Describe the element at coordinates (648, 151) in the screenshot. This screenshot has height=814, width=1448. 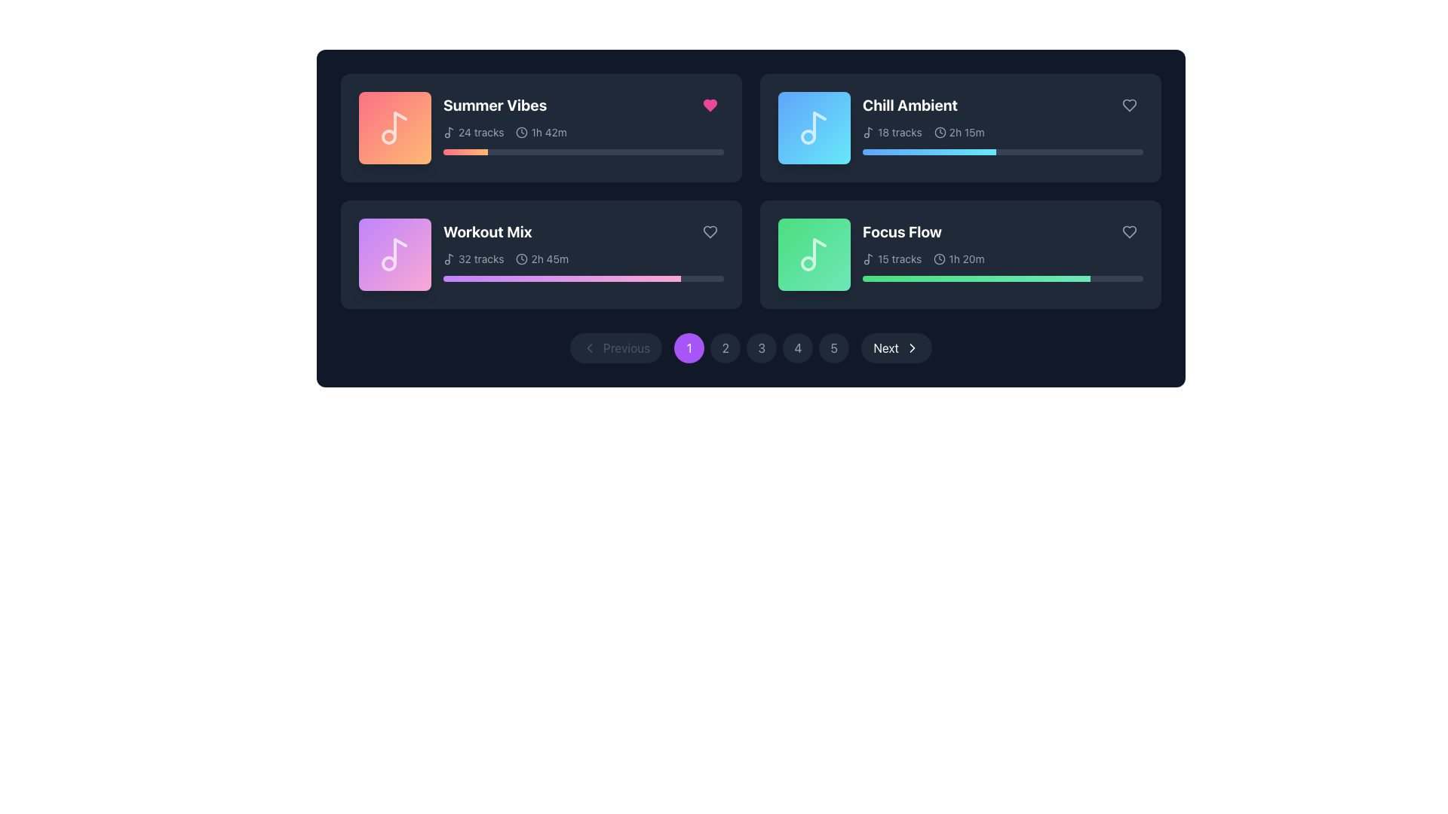
I see `the progress` at that location.